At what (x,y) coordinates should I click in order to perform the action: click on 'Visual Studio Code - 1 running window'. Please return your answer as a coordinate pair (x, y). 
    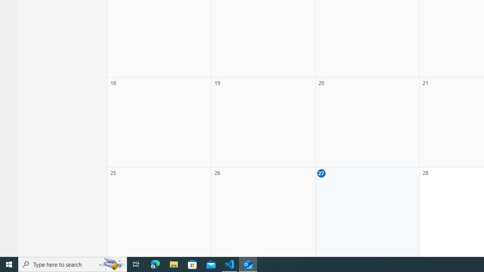
    Looking at the image, I should click on (229, 264).